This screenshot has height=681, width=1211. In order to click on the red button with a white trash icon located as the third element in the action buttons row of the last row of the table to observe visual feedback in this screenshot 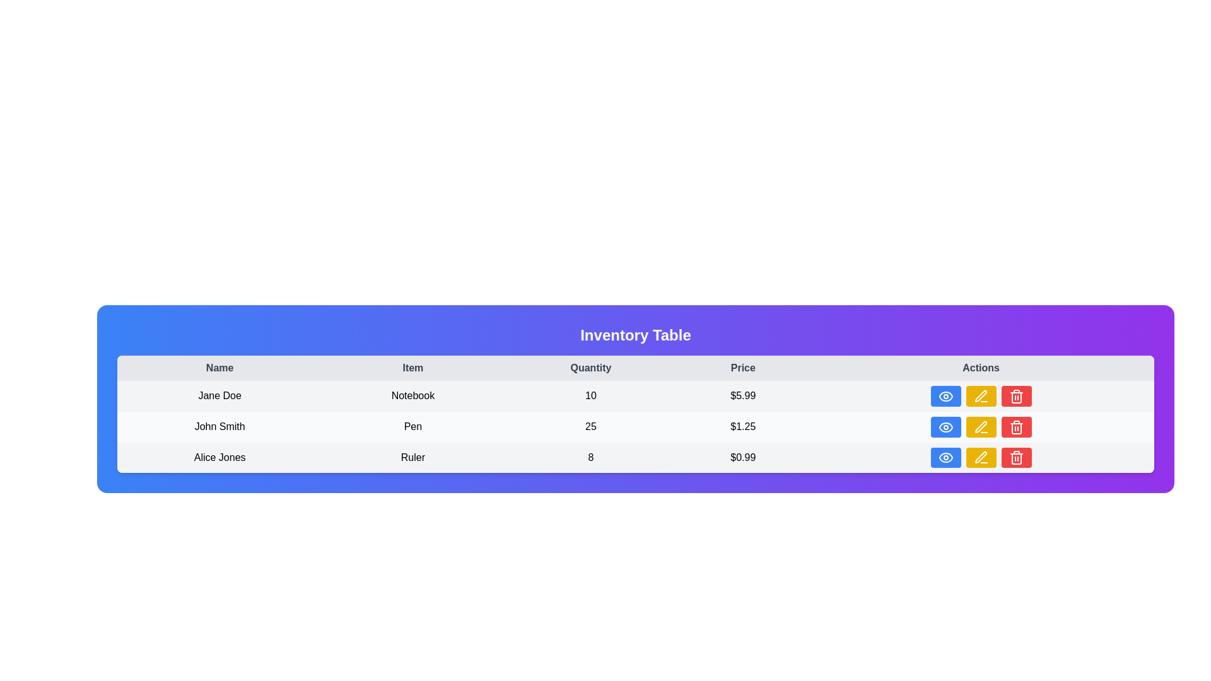, I will do `click(1016, 426)`.